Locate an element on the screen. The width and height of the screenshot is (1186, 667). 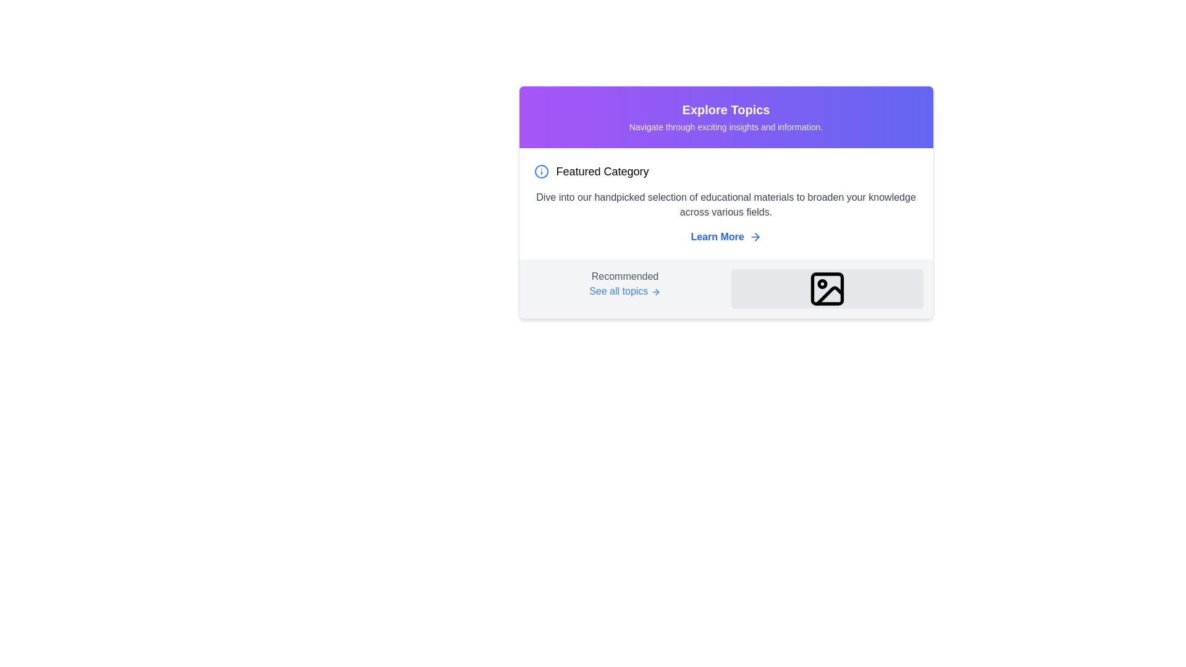
the decorative icon located in the lower-right corner of the 'Recommended' section, which serves as a placeholder or visual representation is located at coordinates (827, 288).